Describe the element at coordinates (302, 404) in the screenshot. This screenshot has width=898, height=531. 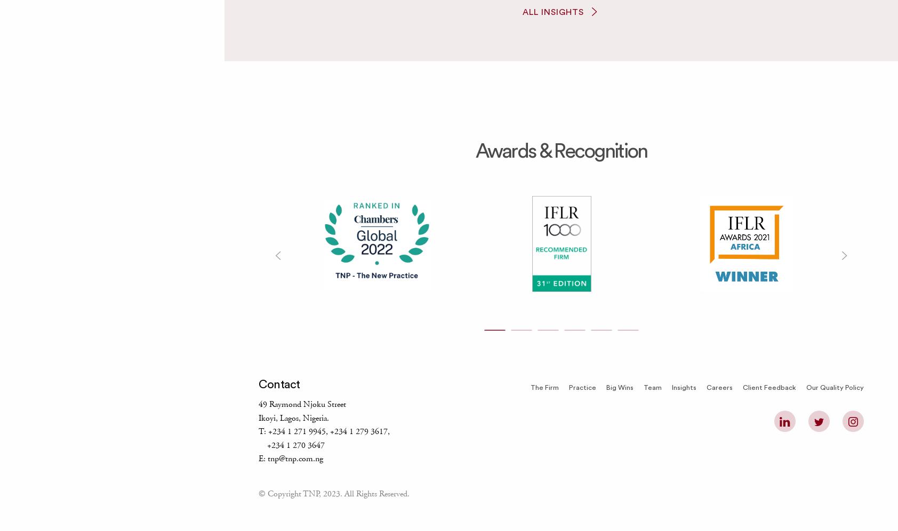
I see `'49 Raymond Njoku Street'` at that location.